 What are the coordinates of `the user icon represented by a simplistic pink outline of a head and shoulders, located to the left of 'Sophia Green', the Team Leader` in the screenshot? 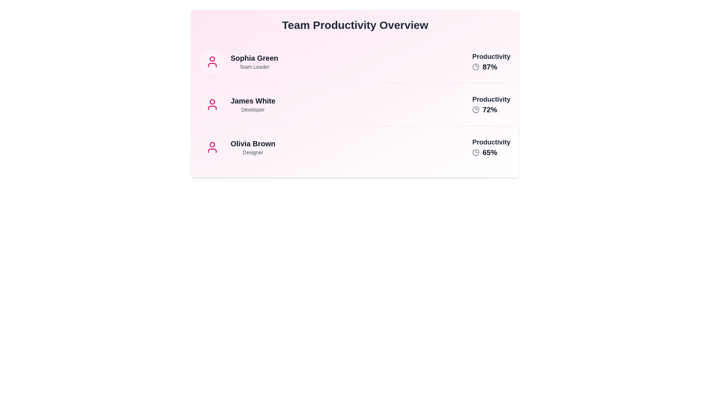 It's located at (212, 64).